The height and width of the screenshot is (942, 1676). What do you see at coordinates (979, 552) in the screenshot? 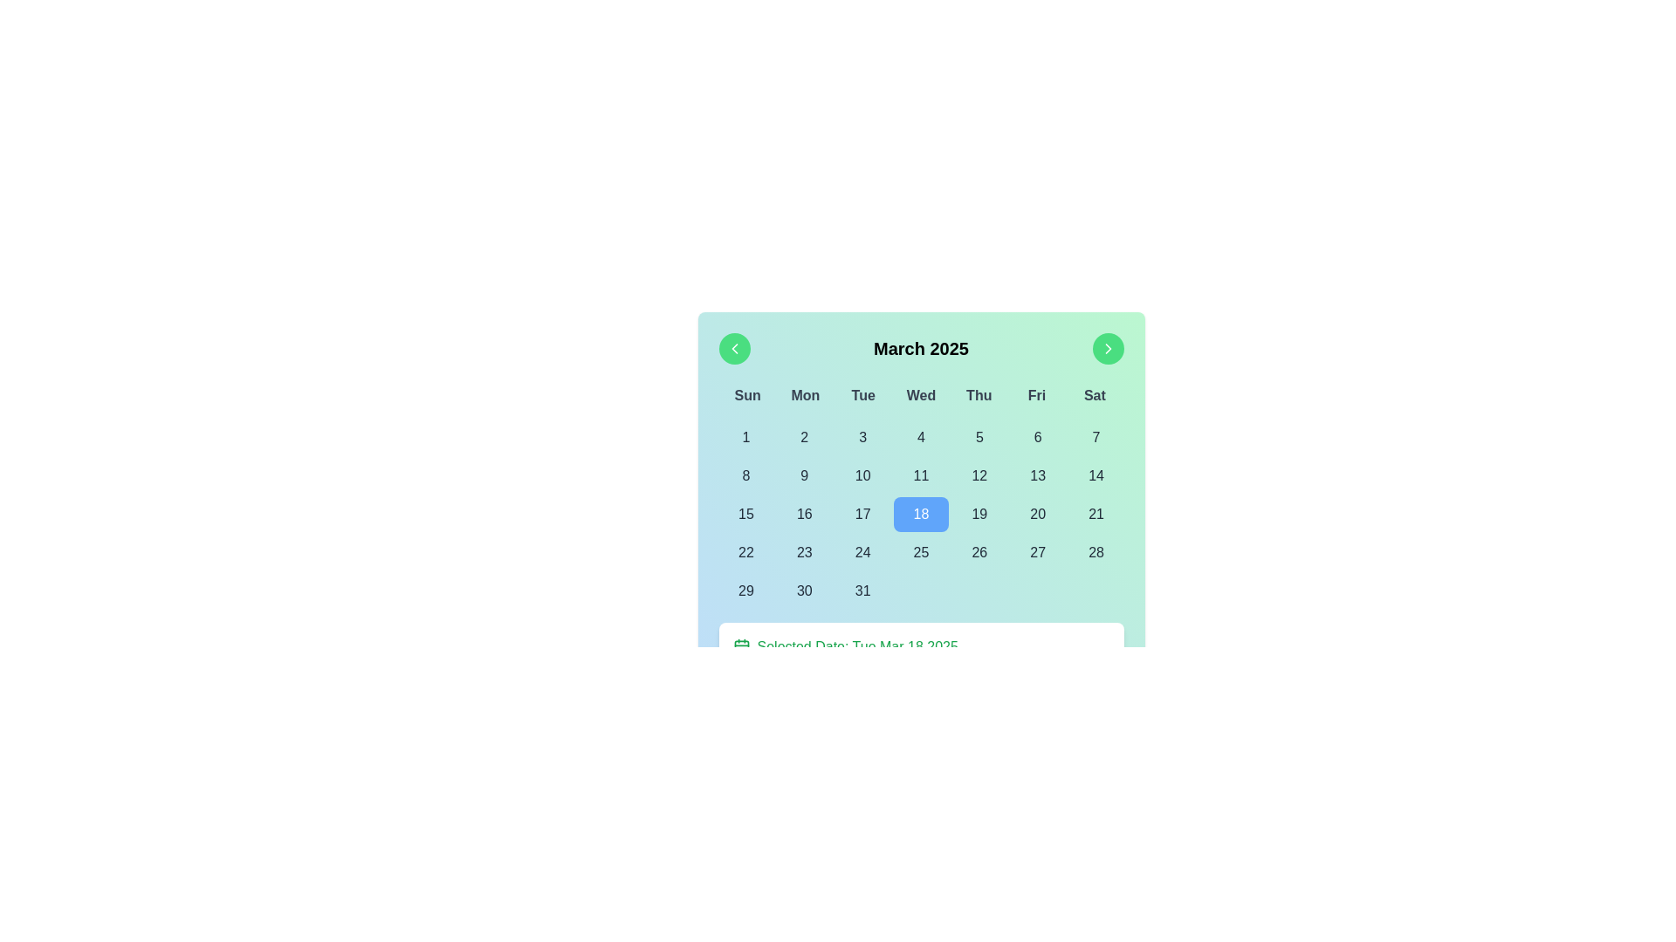
I see `the button displaying the number '26' in the calendar grid` at bounding box center [979, 552].